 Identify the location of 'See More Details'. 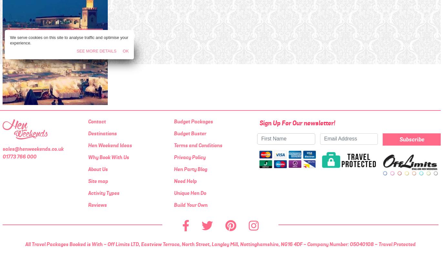
(76, 51).